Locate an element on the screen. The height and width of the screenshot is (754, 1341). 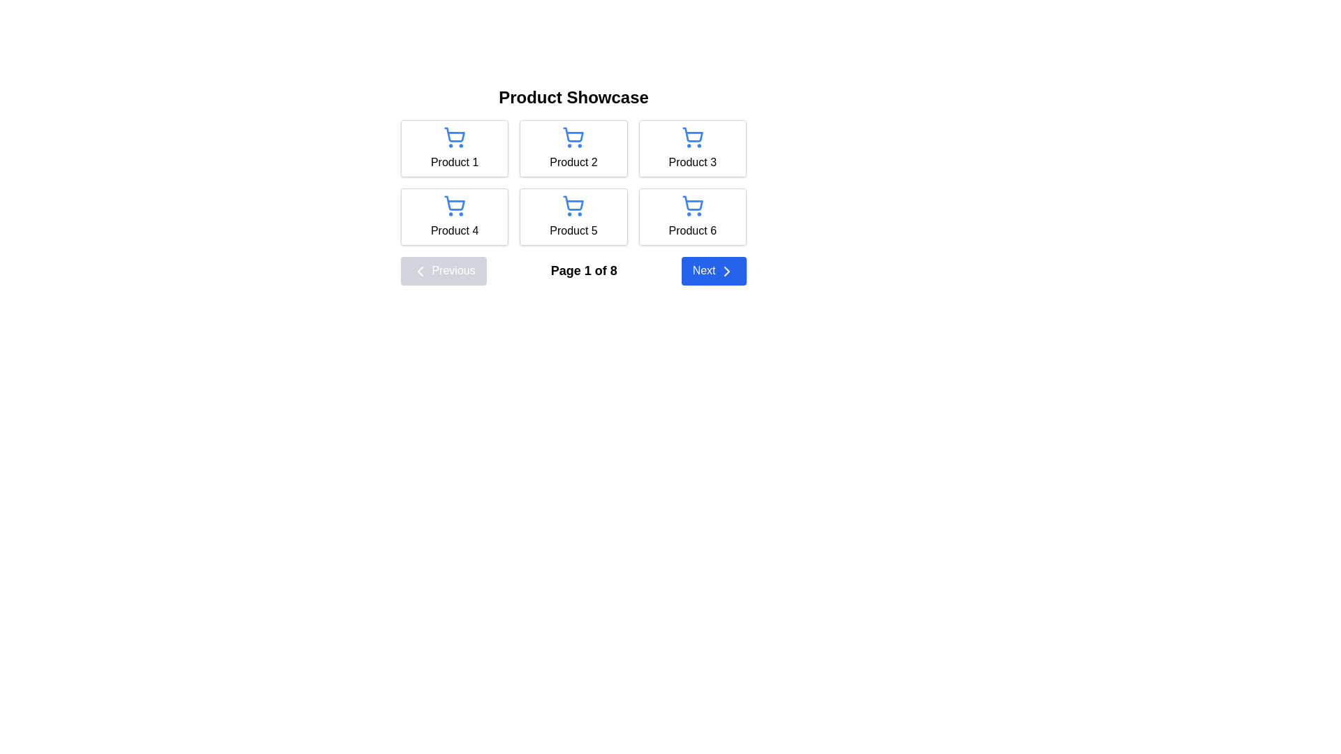
the main body of the shopping cart icon located at the top left of the grid under the 'Product Showcase' title, corresponding to 'Product 1' is located at coordinates (455, 135).